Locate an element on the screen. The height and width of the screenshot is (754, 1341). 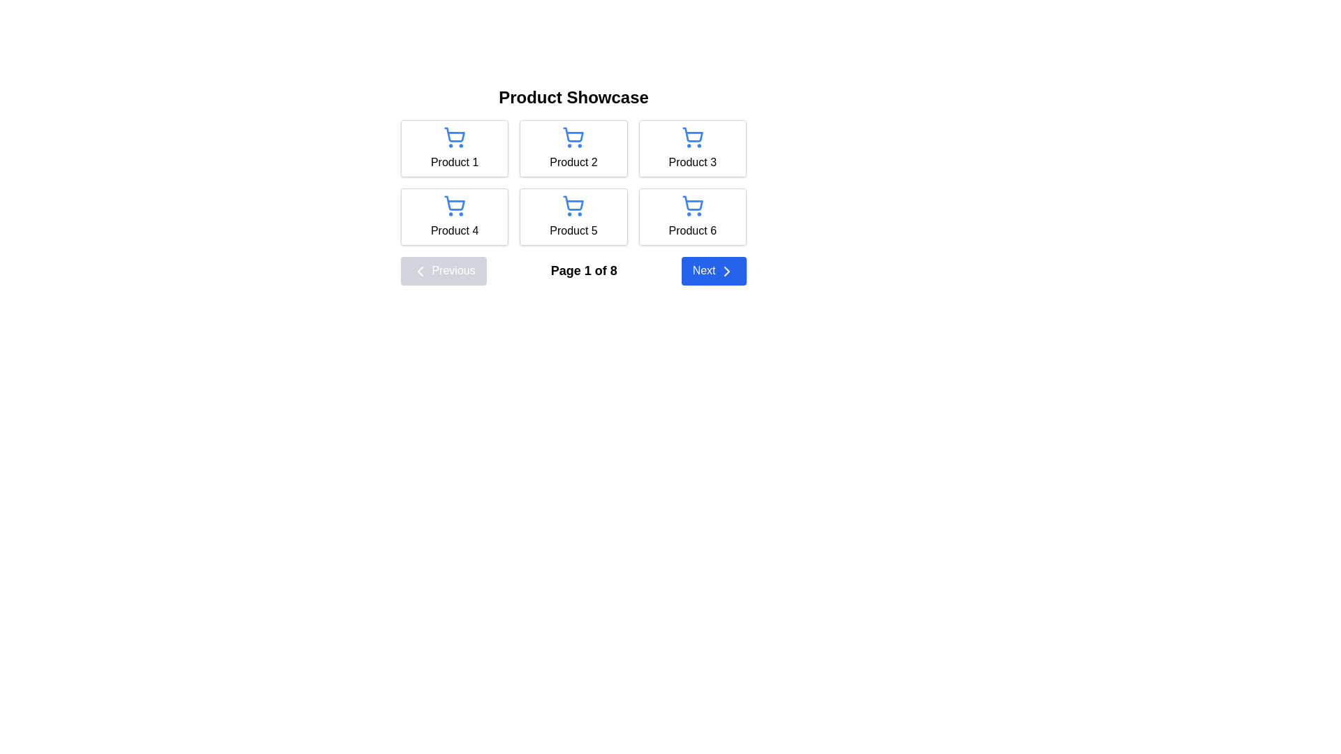
the main body of the shopping cart icon located at the top left of the grid under the 'Product Showcase' title, corresponding to 'Product 1' is located at coordinates (455, 135).